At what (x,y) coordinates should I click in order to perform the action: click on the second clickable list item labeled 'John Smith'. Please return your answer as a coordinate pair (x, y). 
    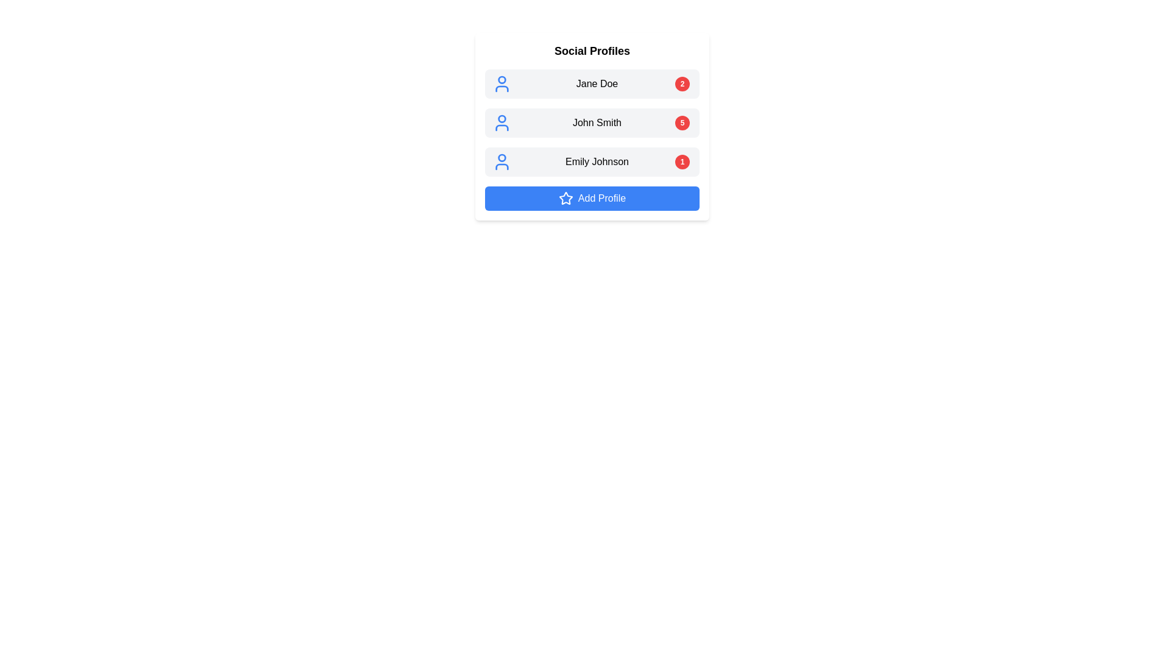
    Looking at the image, I should click on (592, 127).